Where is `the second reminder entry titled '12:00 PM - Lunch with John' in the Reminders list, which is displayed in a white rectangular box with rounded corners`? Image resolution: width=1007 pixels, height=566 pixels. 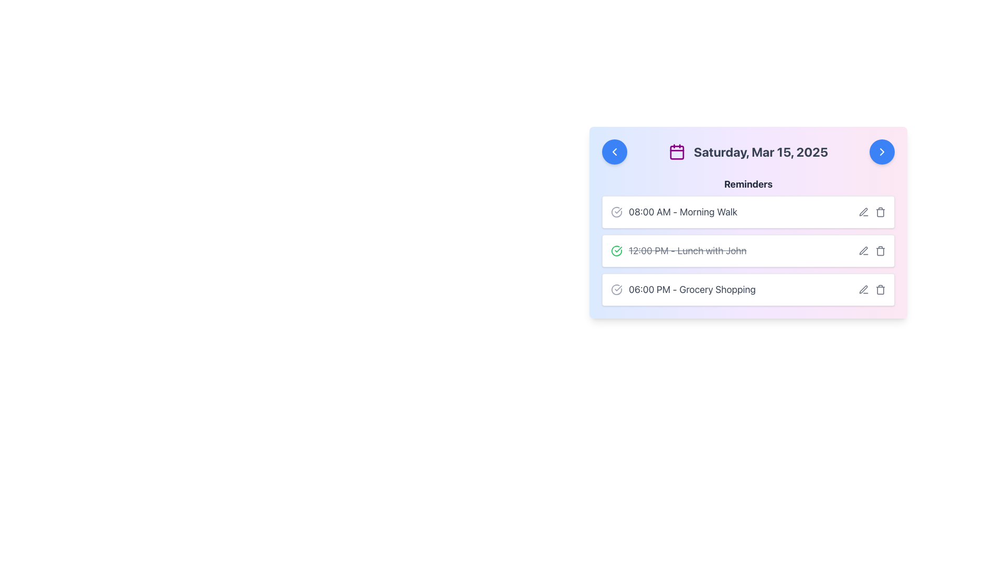 the second reminder entry titled '12:00 PM - Lunch with John' in the Reminders list, which is displayed in a white rectangular box with rounded corners is located at coordinates (747, 242).